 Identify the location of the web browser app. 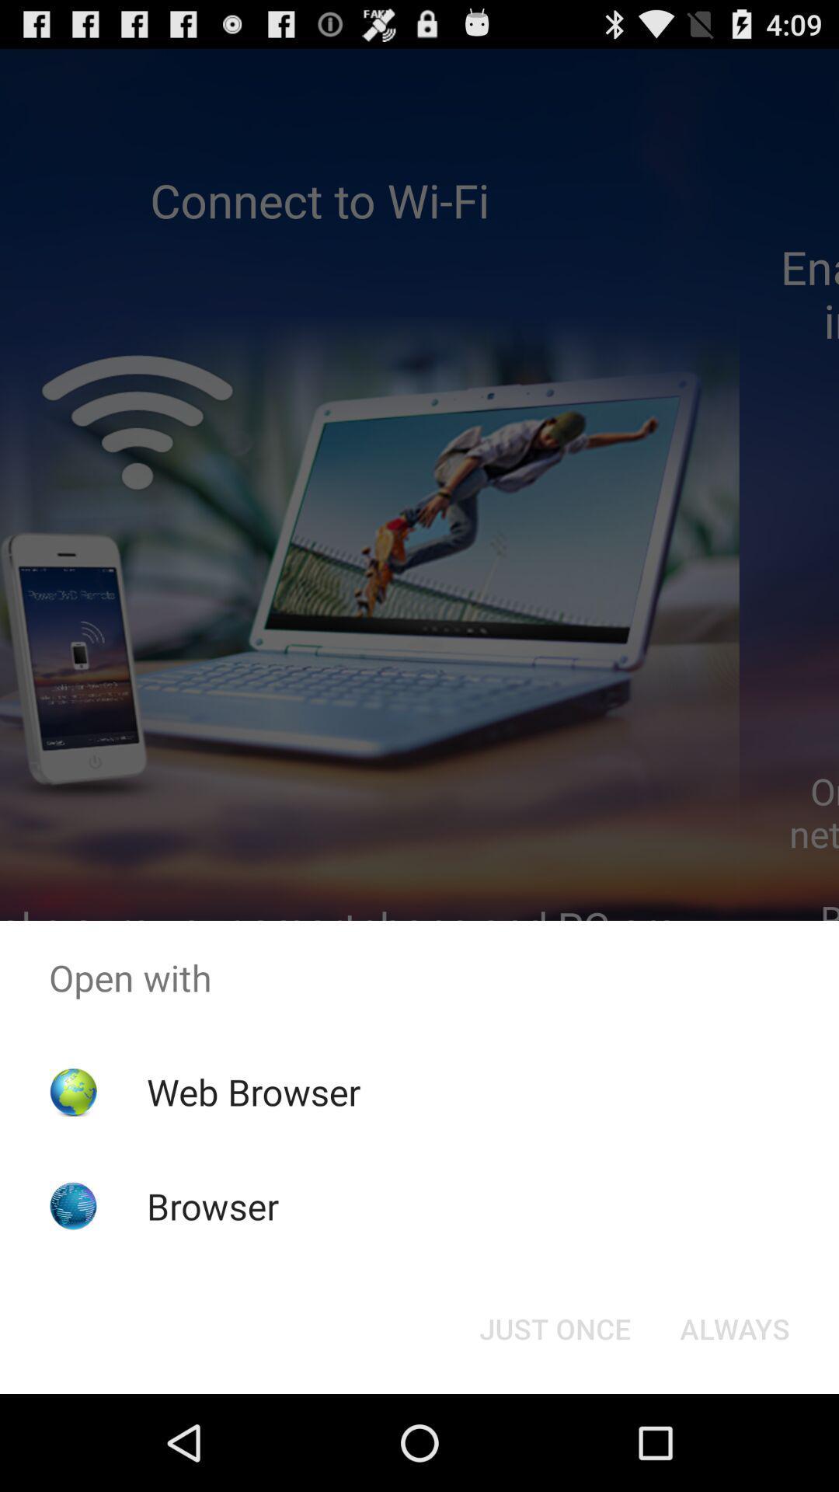
(252, 1091).